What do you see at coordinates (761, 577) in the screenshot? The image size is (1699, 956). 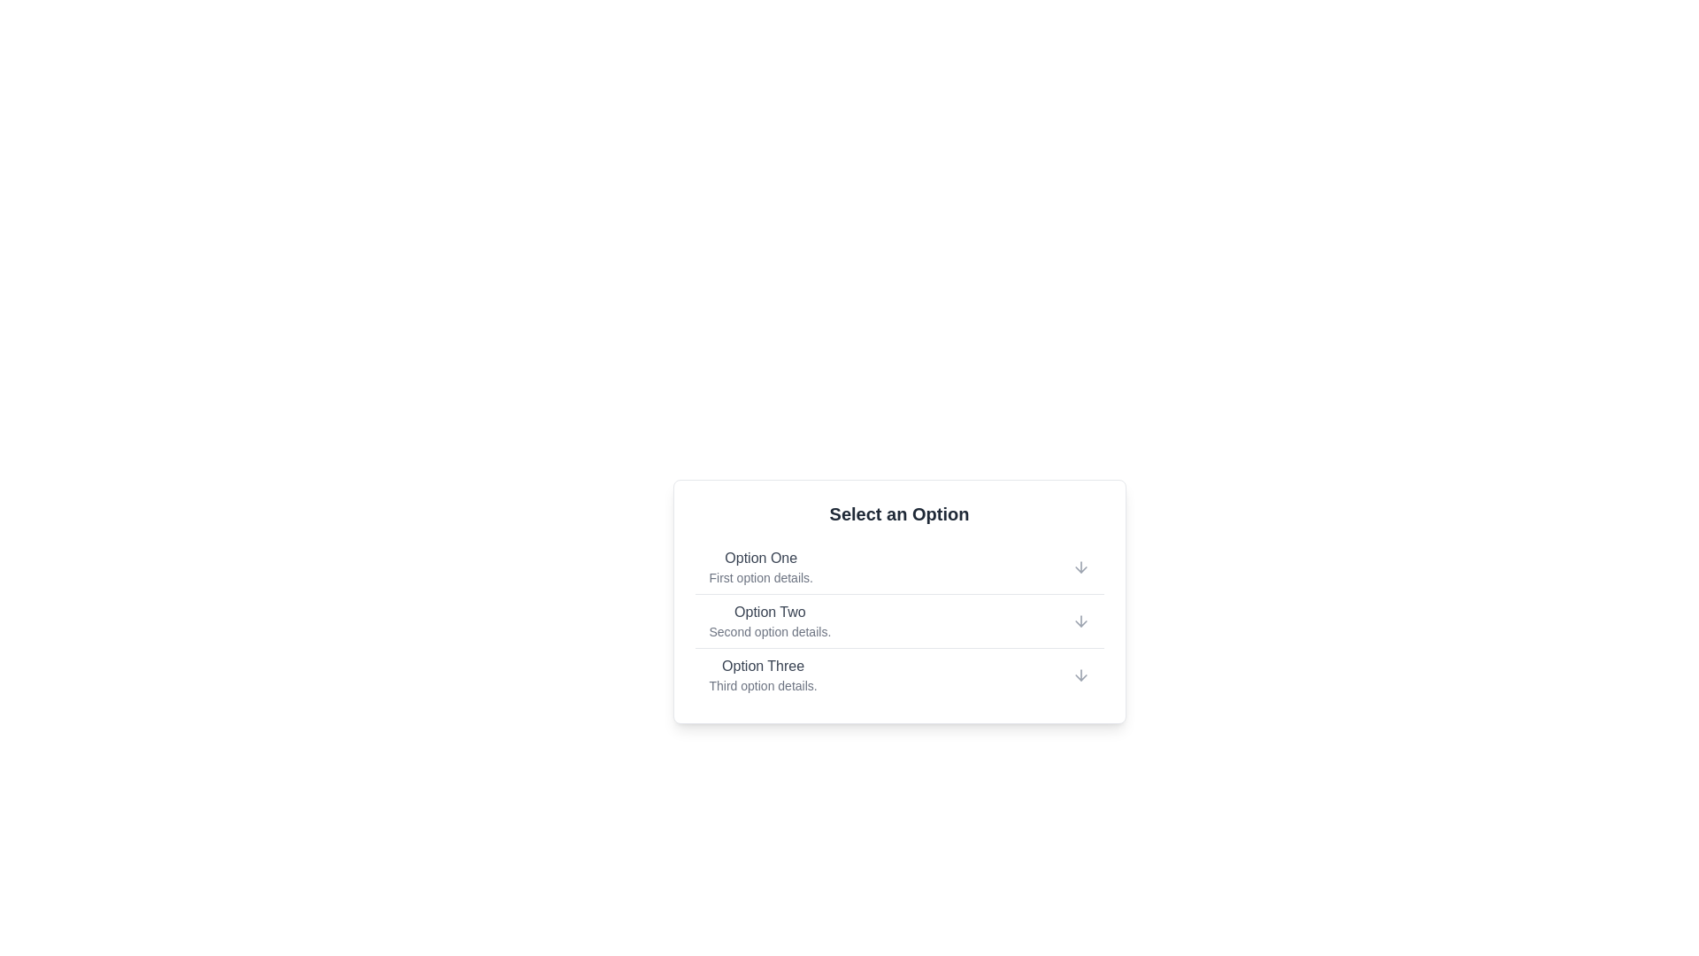 I see `the descriptive Text label that provides additional details about 'Option One', positioned directly below the 'Option One' title` at bounding box center [761, 577].